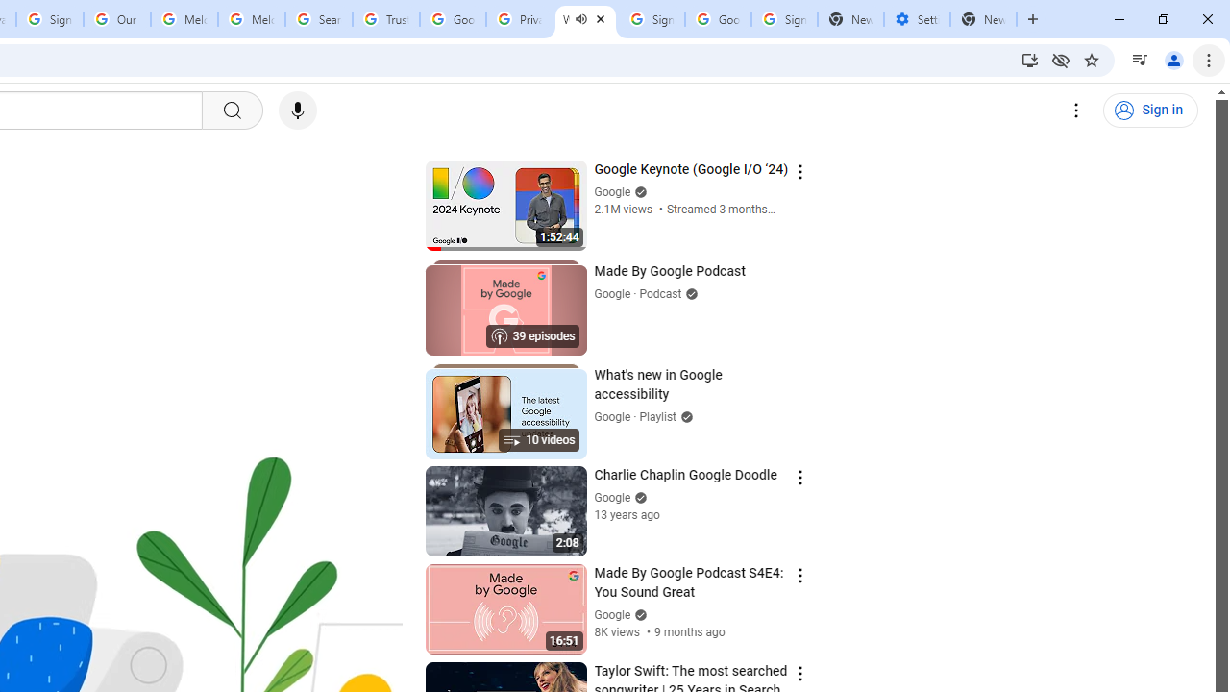 This screenshot has width=1230, height=692. Describe the element at coordinates (784, 19) in the screenshot. I see `'Sign in - Google Accounts'` at that location.